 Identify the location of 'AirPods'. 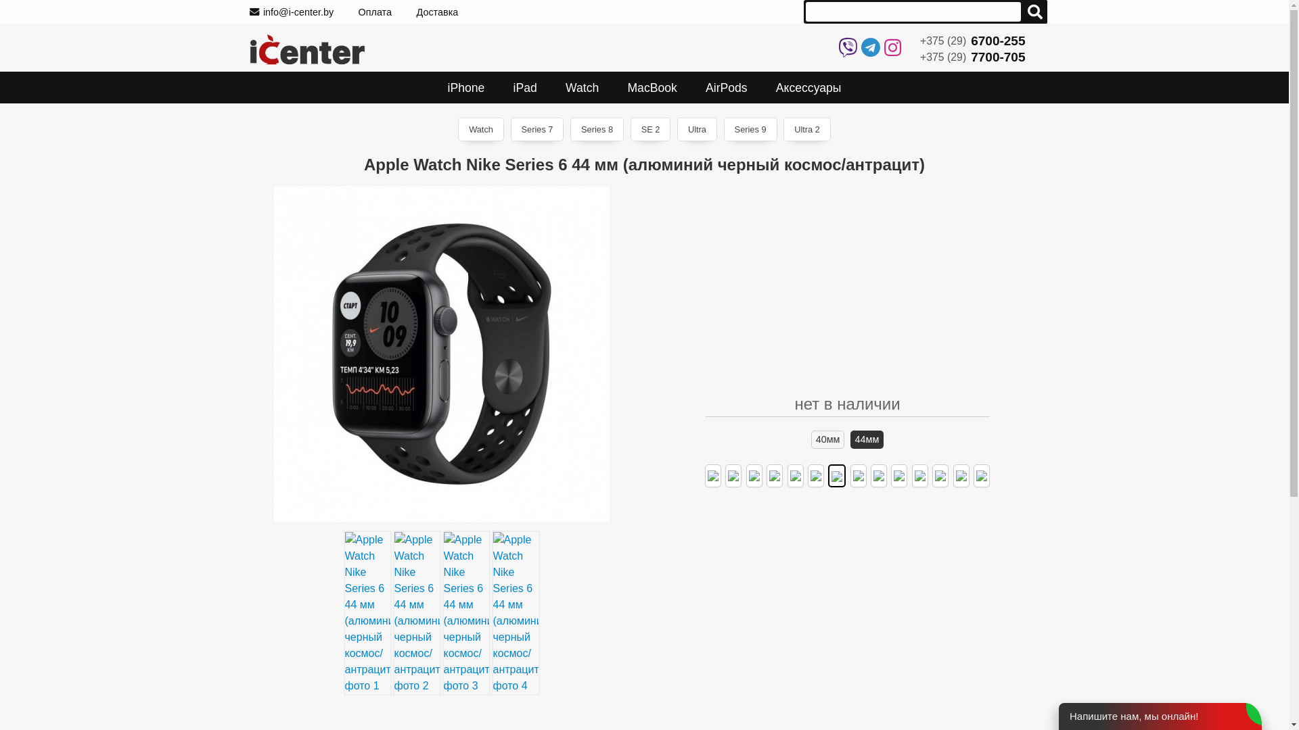
(691, 87).